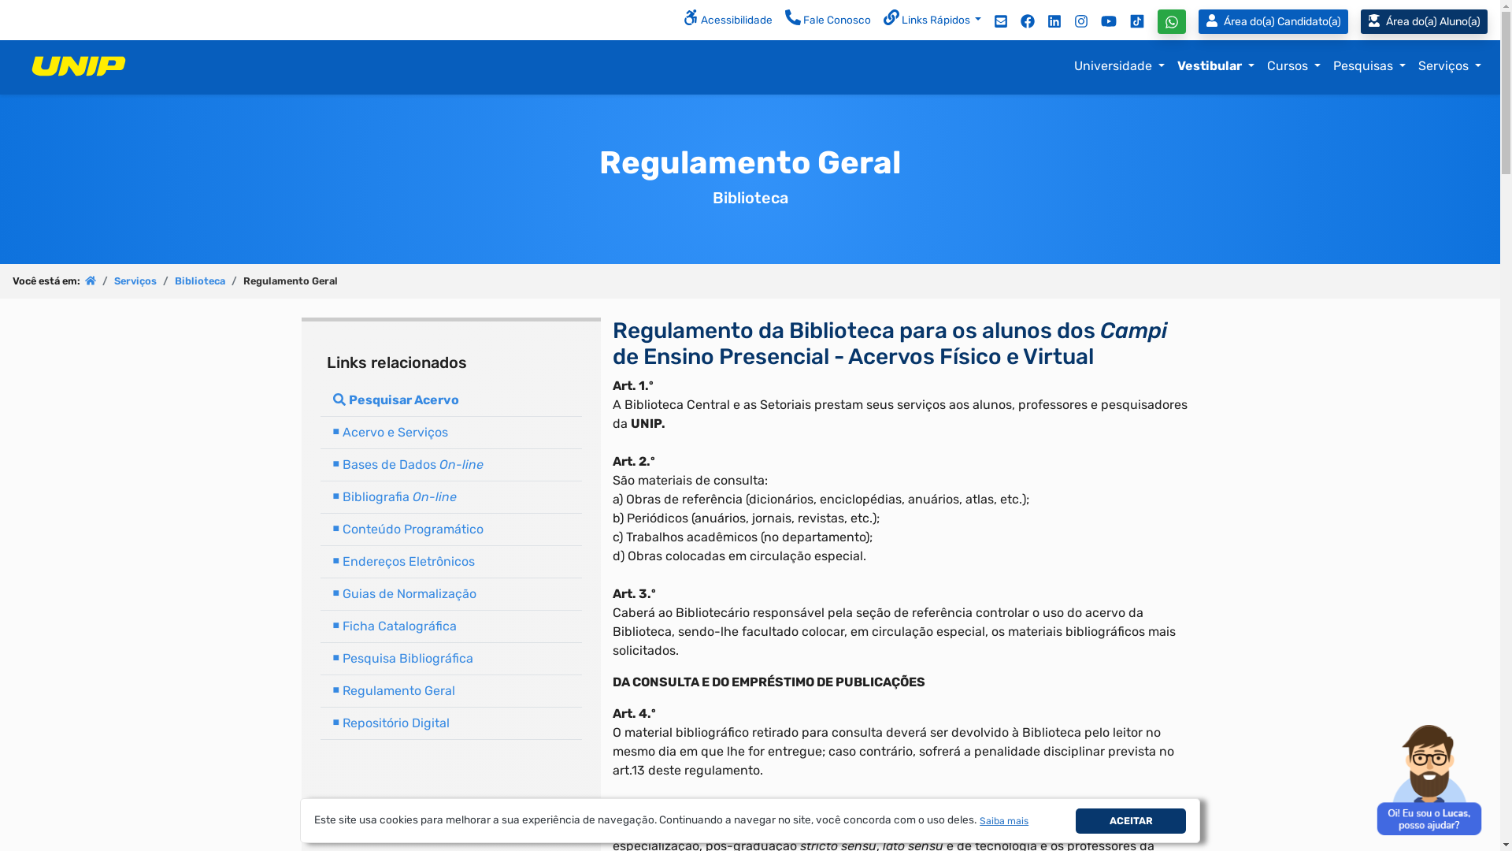  What do you see at coordinates (1137, 20) in the screenshot?
I see `'Siga a UNIP no TikTok da UNIP'` at bounding box center [1137, 20].